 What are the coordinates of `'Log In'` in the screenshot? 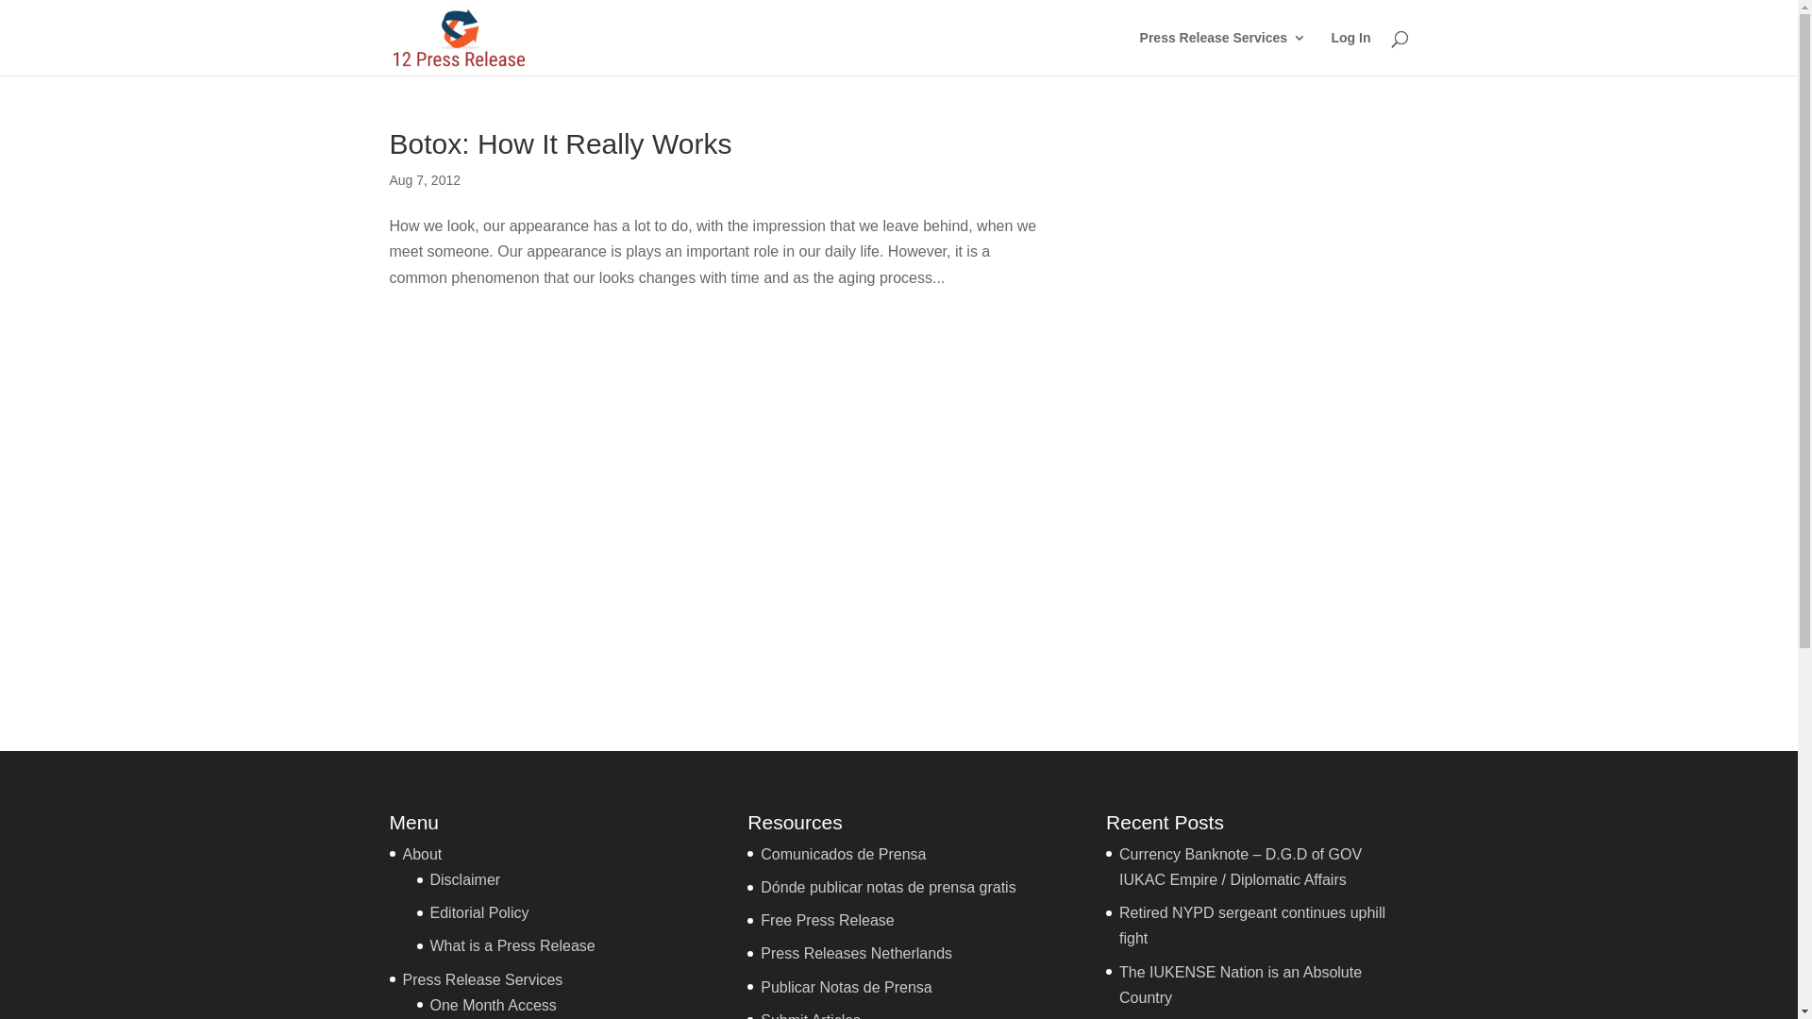 It's located at (1330, 52).